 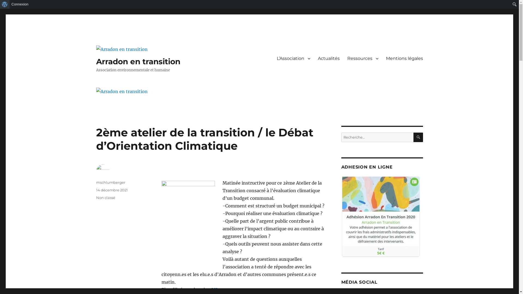 I want to click on 'Ressources', so click(x=362, y=59).